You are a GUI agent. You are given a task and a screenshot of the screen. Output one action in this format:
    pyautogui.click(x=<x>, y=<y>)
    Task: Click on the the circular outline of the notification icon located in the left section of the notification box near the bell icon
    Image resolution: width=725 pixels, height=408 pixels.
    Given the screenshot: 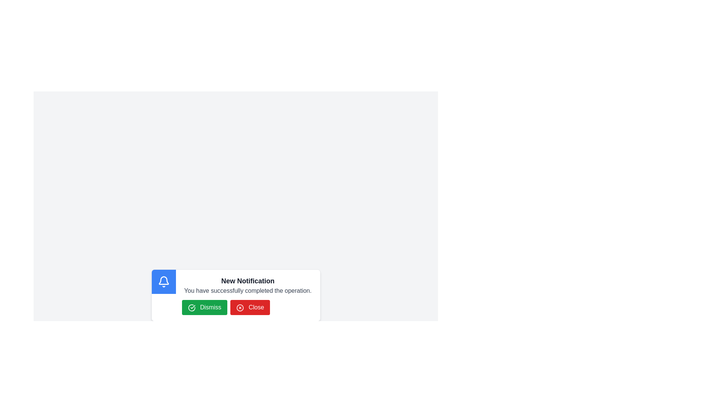 What is the action you would take?
    pyautogui.click(x=191, y=308)
    